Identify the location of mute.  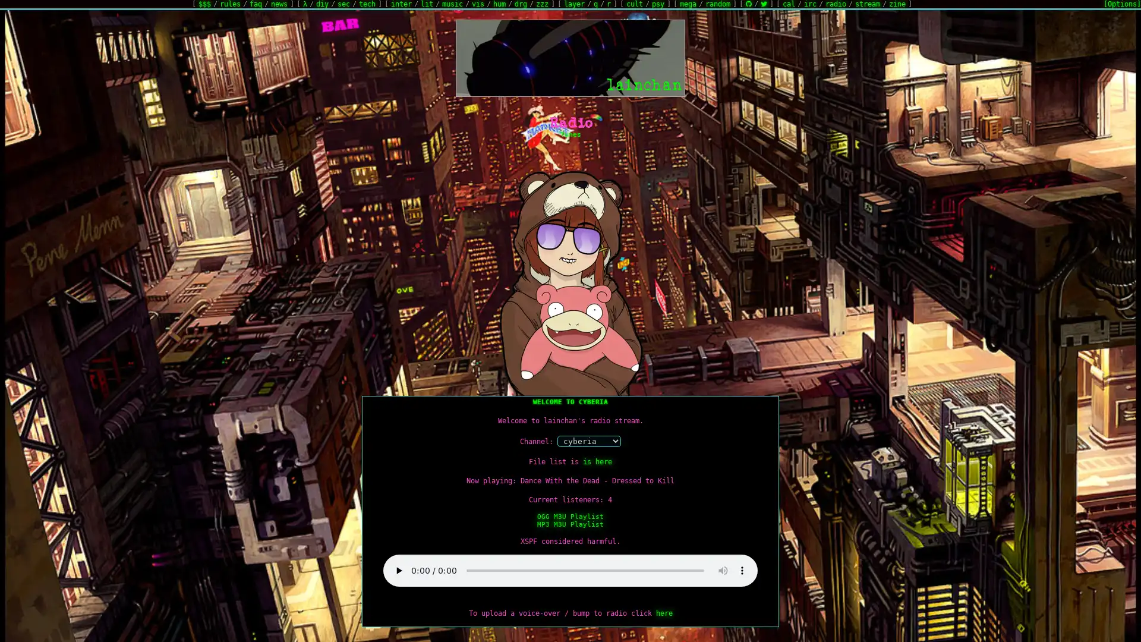
(723, 570).